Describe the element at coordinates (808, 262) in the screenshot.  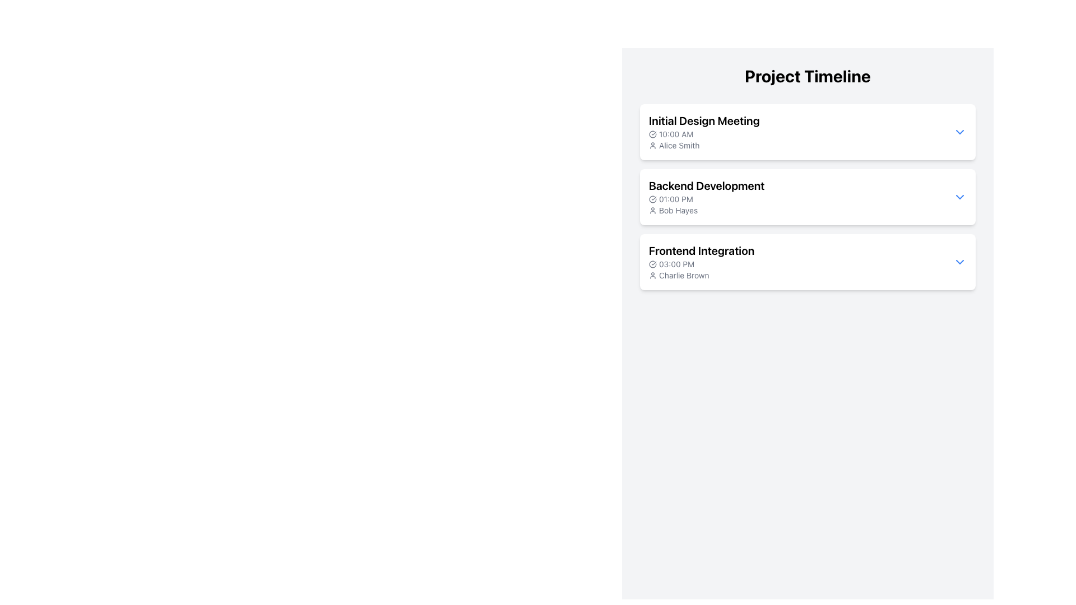
I see `the third item in the timeline or list titled 'Frontend Integration' scheduled for '03:00 PM' associated with 'Charlie Brown'` at that location.